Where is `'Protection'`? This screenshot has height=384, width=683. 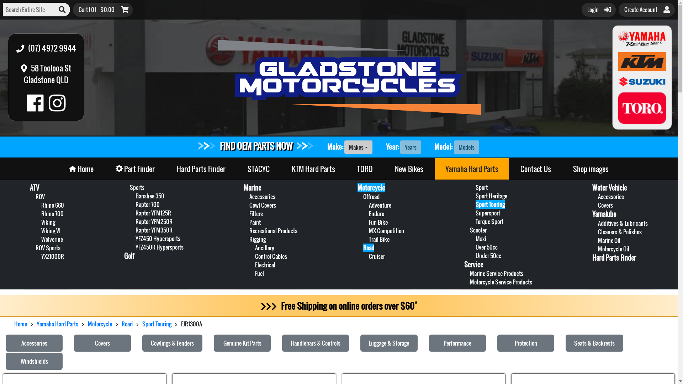 'Protection' is located at coordinates (525, 342).